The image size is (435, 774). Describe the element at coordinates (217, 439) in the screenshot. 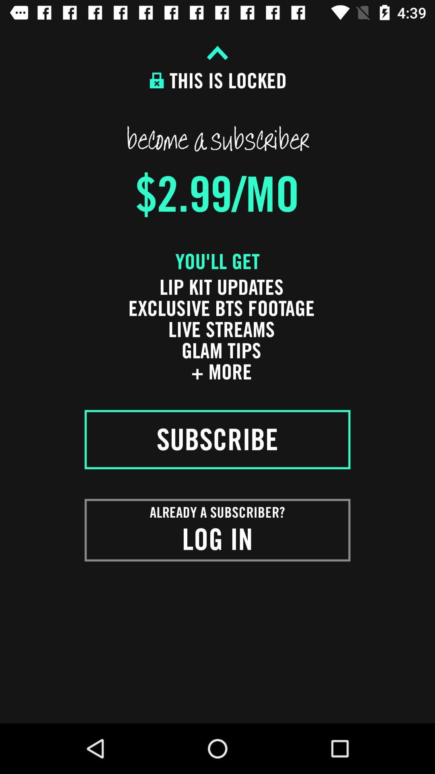

I see `subscribe item` at that location.